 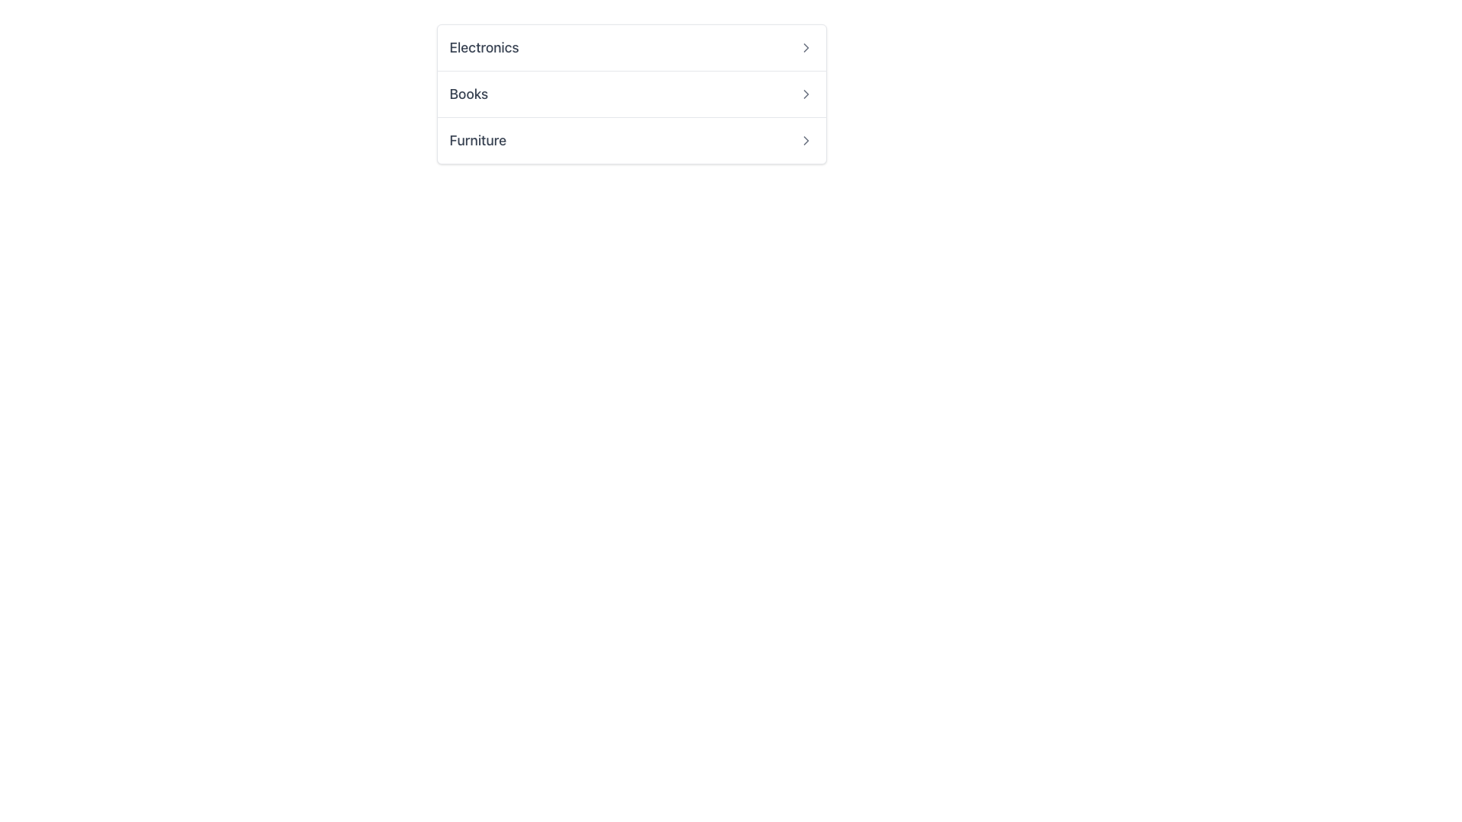 What do you see at coordinates (805, 94) in the screenshot?
I see `the right-facing chevron icon next to the 'Books' list item` at bounding box center [805, 94].